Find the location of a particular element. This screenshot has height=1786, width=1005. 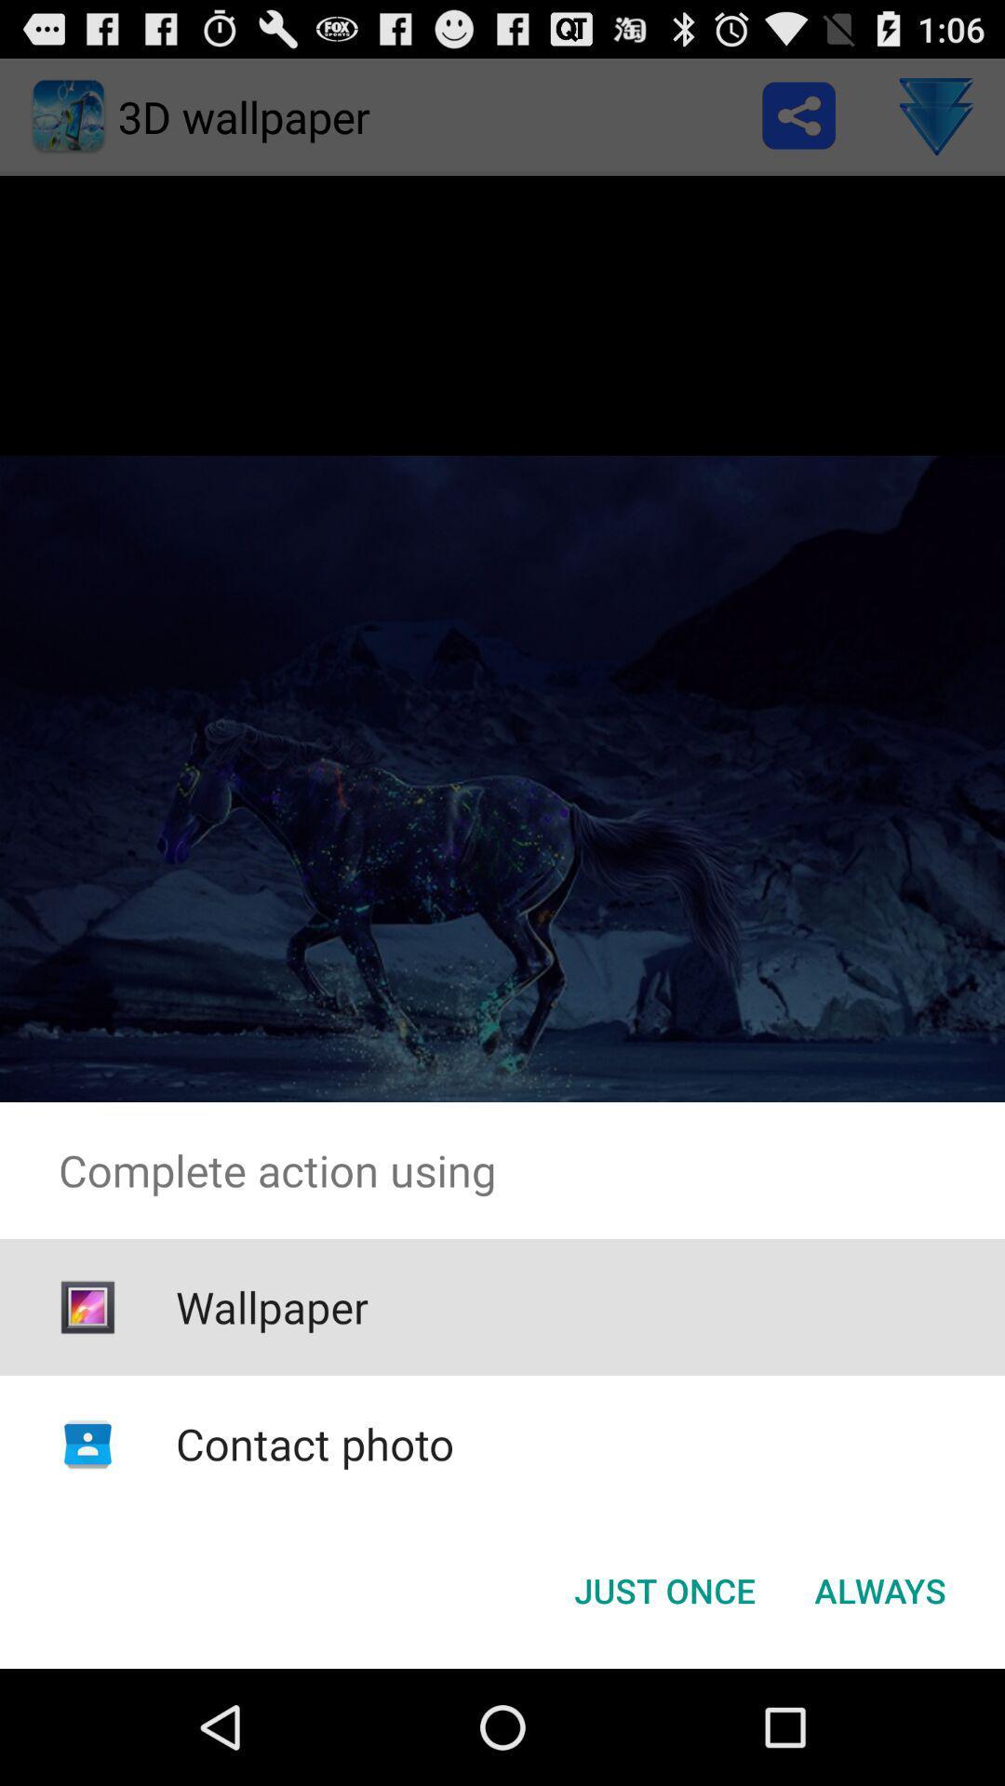

icon at the bottom is located at coordinates (663, 1589).